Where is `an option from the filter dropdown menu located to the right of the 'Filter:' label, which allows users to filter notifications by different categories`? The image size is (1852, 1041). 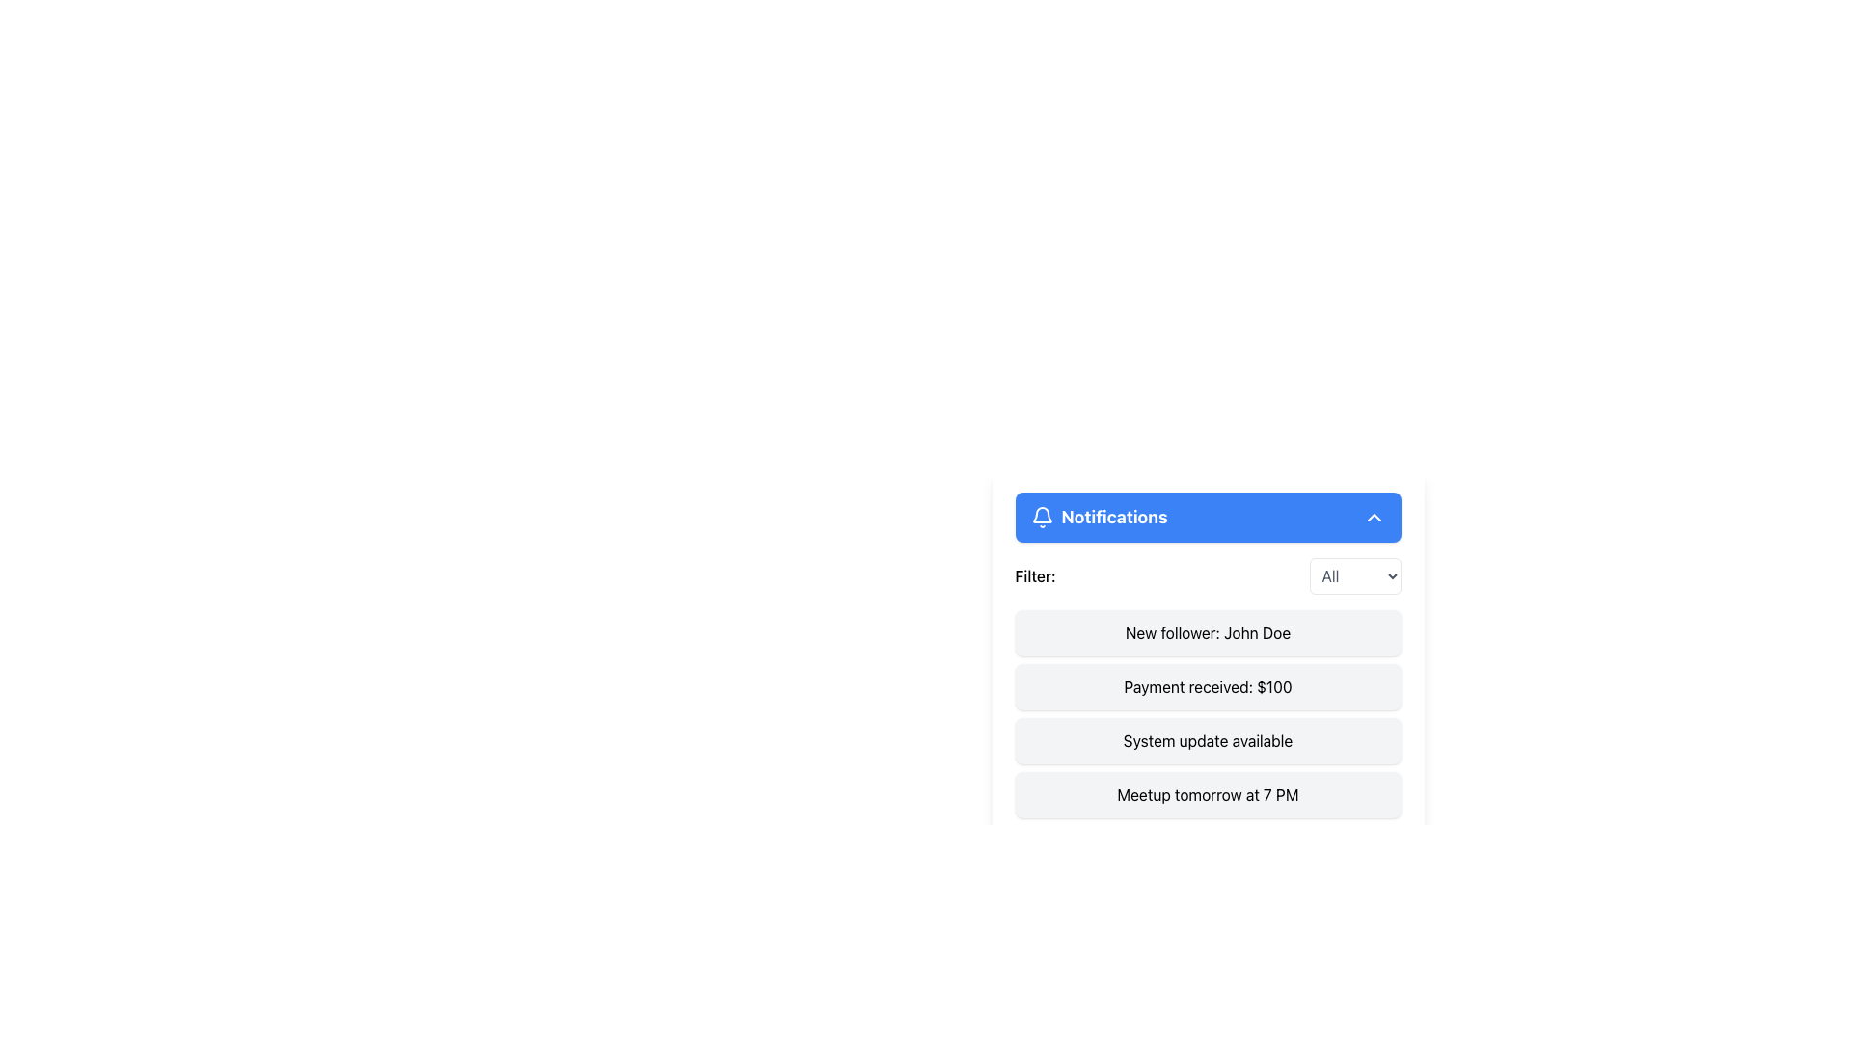 an option from the filter dropdown menu located to the right of the 'Filter:' label, which allows users to filter notifications by different categories is located at coordinates (1354, 574).